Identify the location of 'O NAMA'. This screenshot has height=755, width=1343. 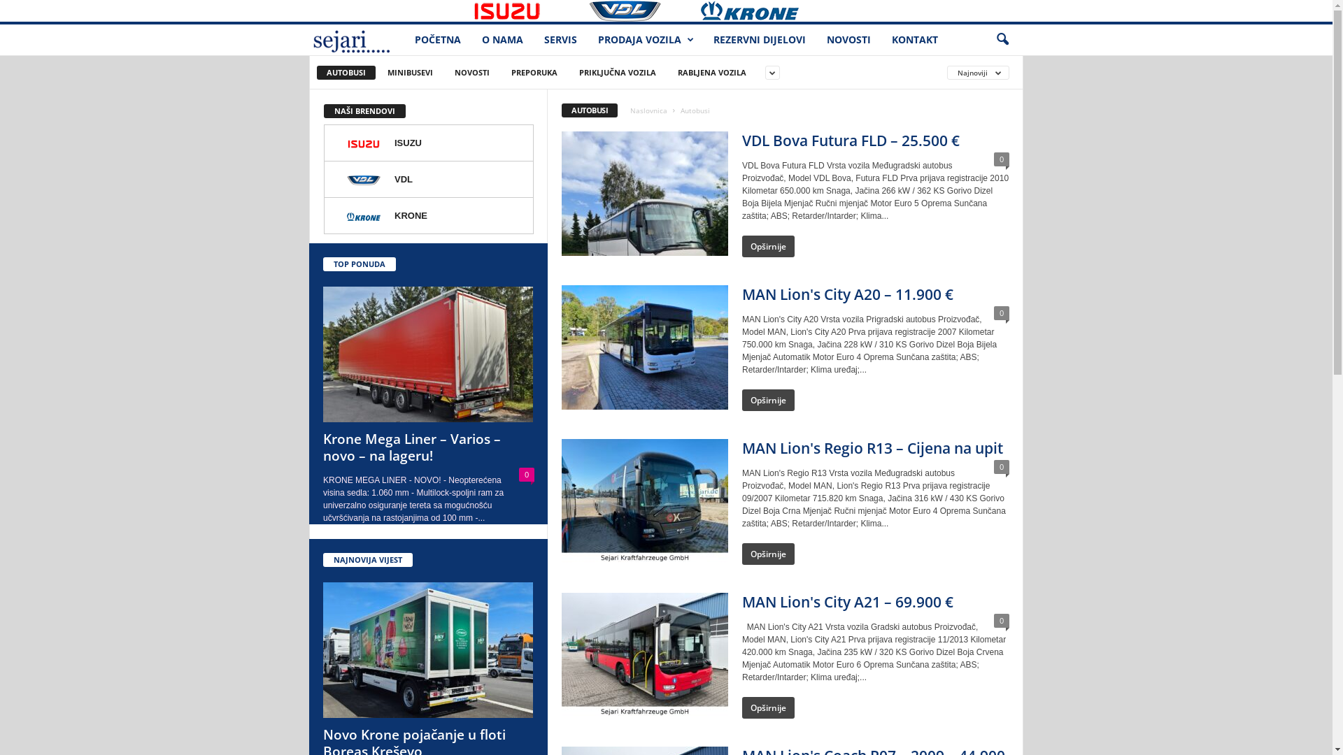
(502, 39).